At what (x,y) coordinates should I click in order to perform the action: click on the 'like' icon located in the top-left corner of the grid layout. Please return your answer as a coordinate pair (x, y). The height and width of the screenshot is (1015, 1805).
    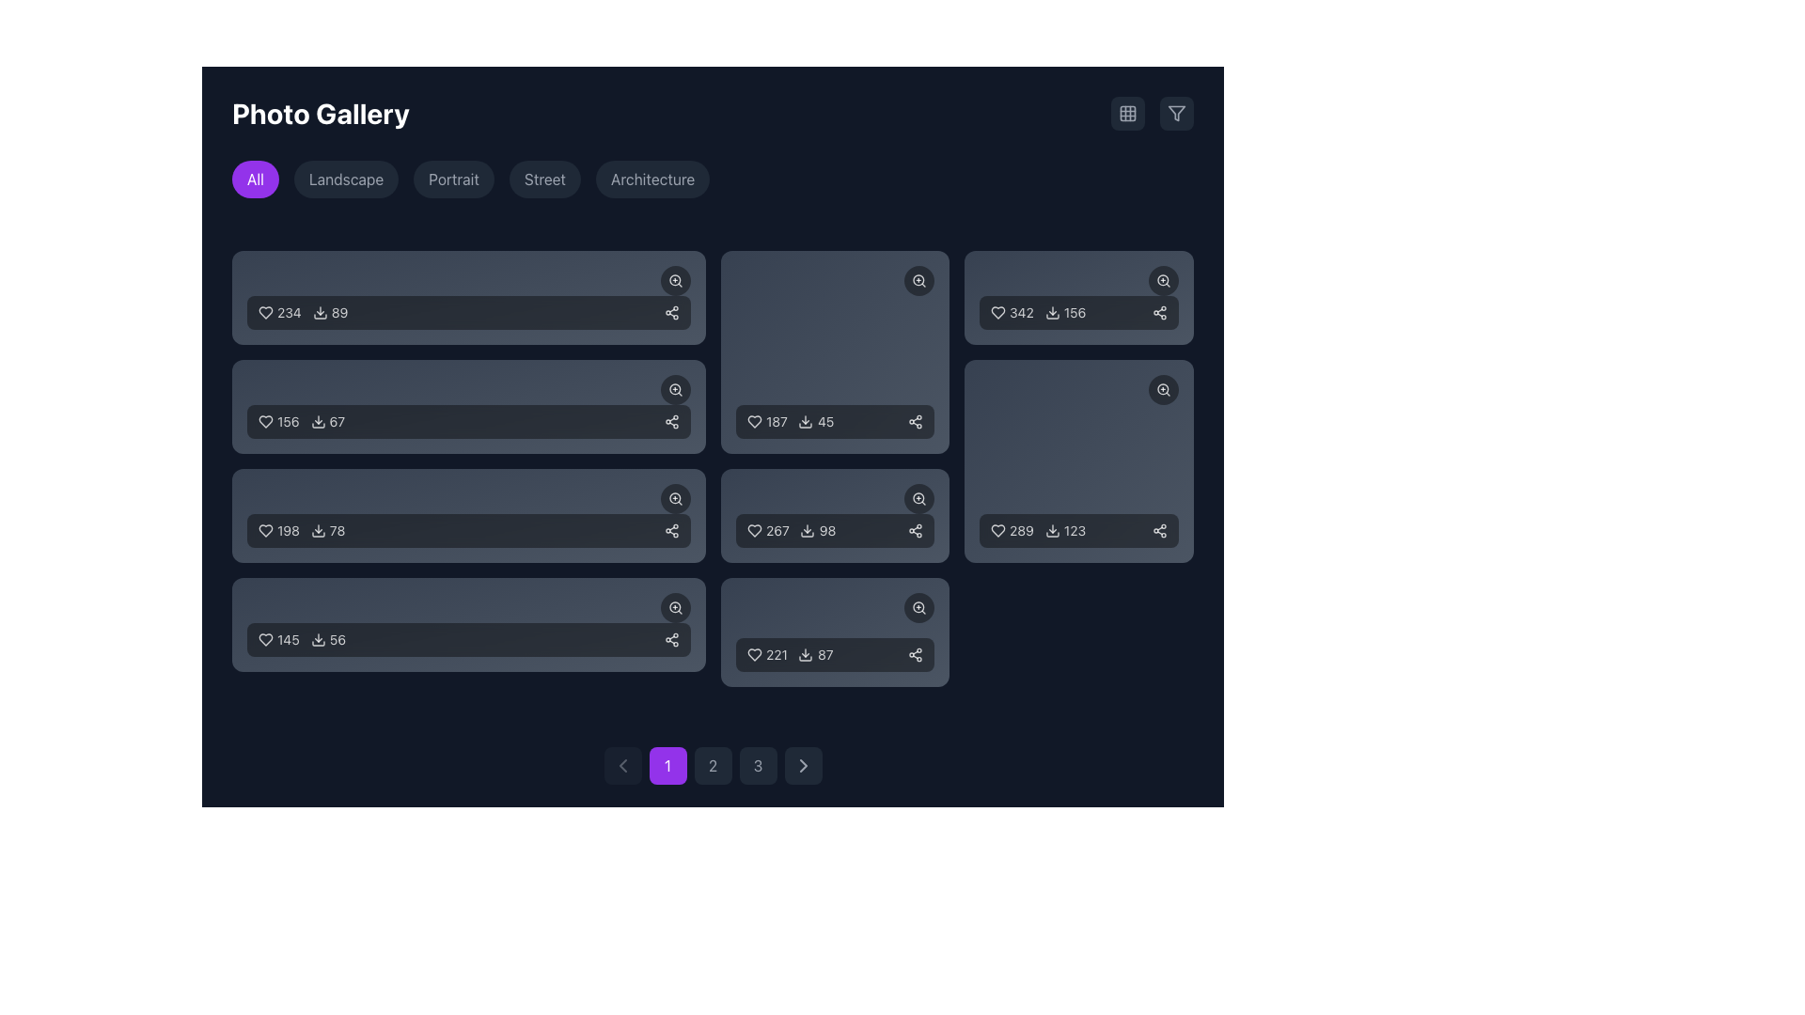
    Looking at the image, I should click on (265, 311).